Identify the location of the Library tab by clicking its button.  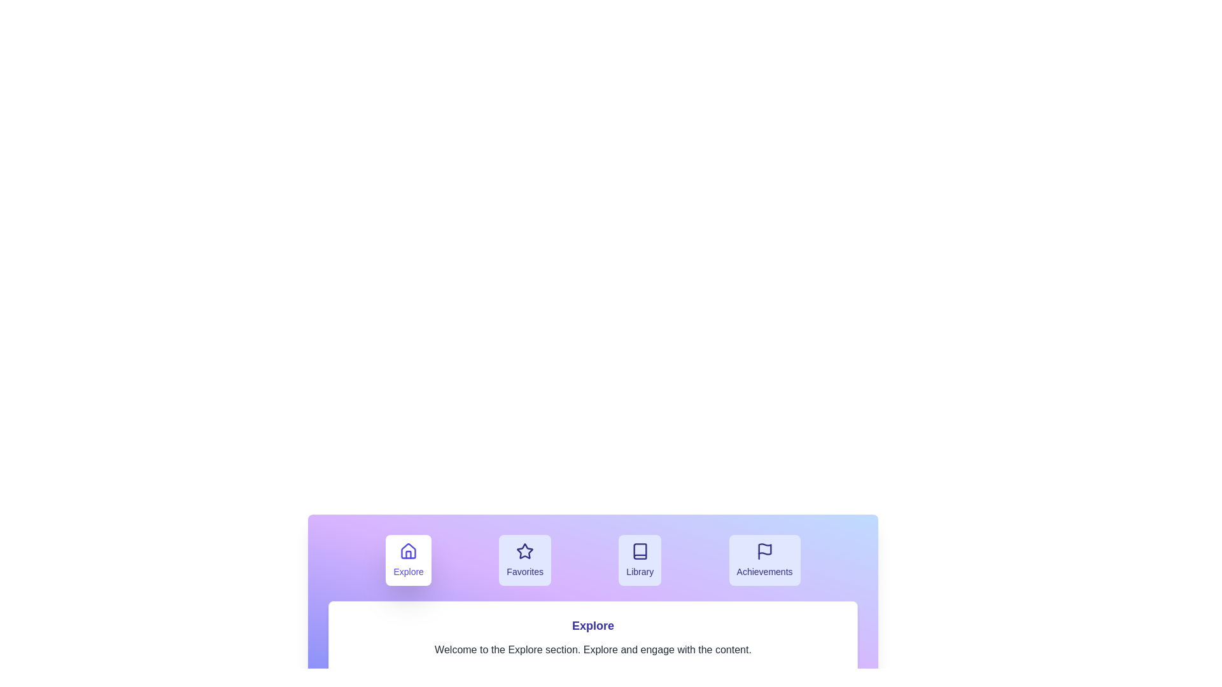
(640, 559).